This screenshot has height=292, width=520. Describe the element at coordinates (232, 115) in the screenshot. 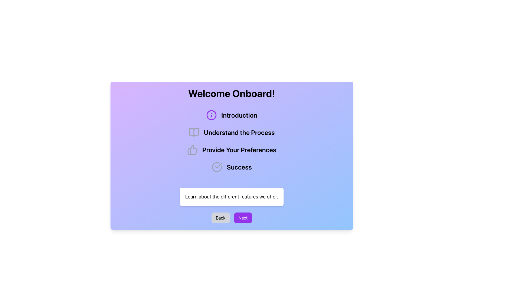

I see `the Label with icon that indicates the start or overview section of the process, positioned at the top of the vertical list under 'Welcome Onboard!'` at that location.